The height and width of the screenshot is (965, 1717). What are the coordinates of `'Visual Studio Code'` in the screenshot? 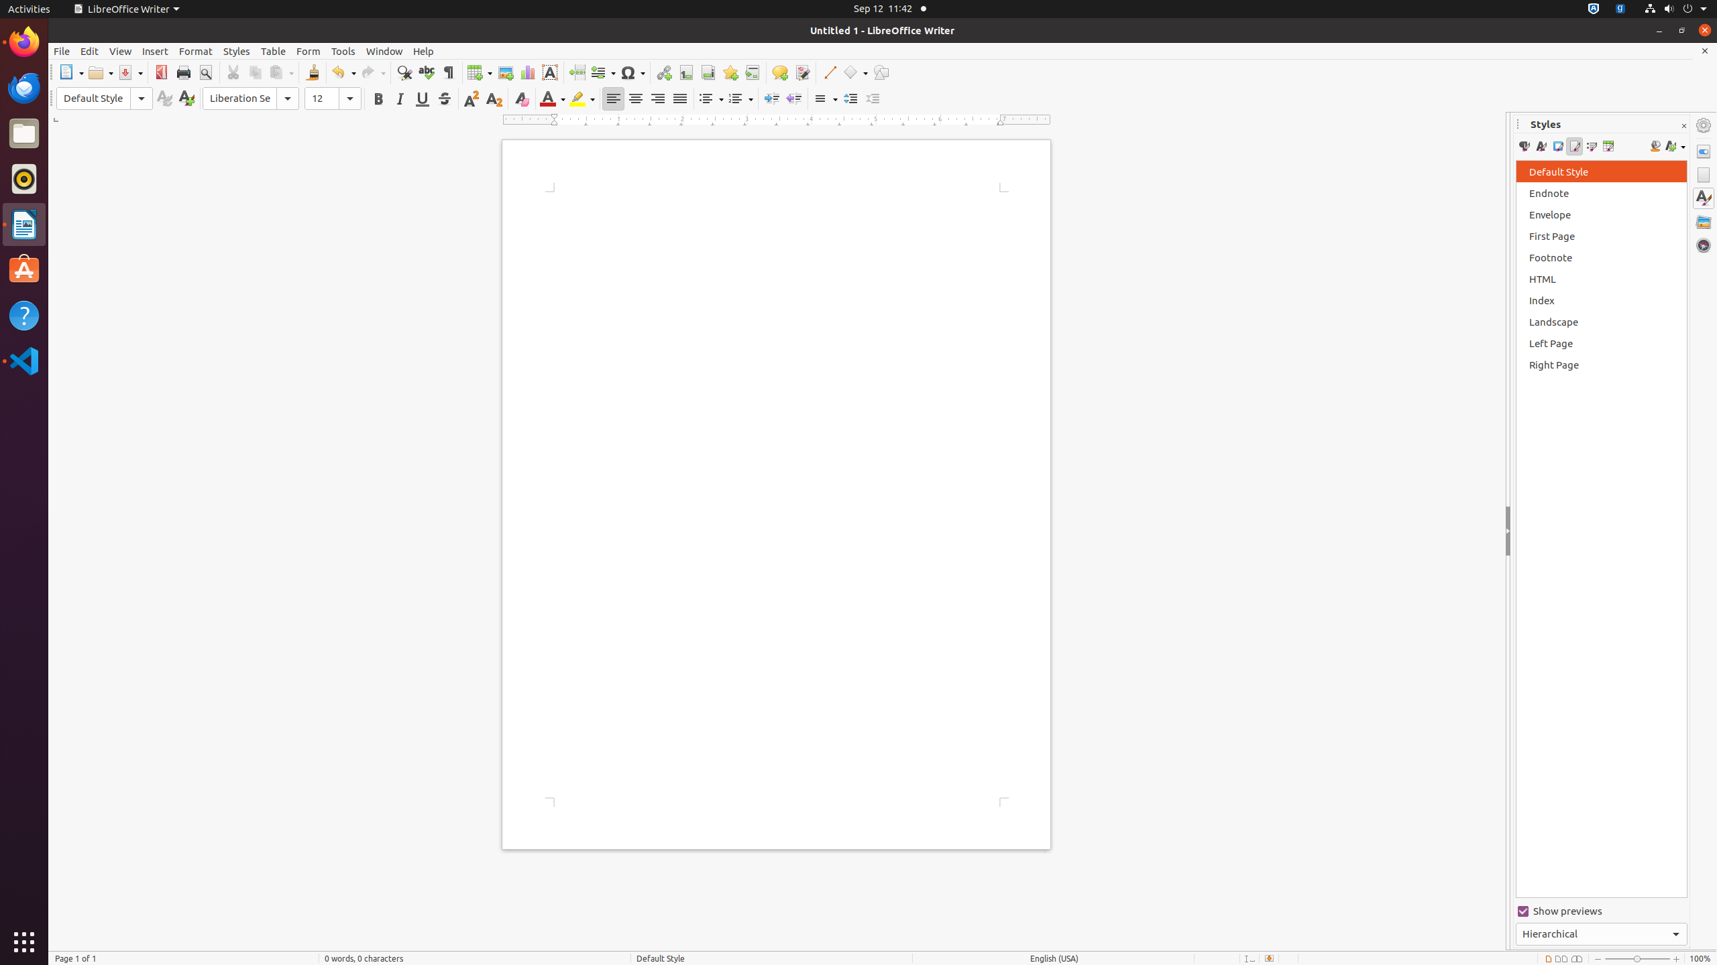 It's located at (24, 360).